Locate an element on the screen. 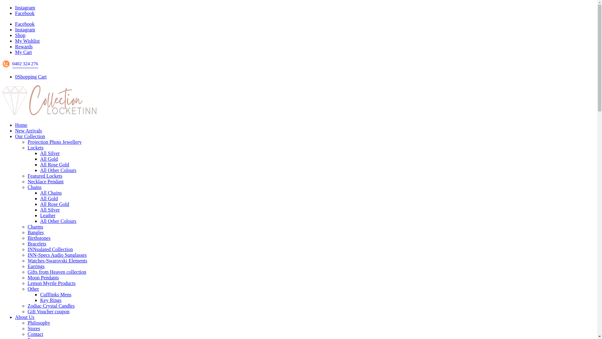 The height and width of the screenshot is (339, 602). 'Projection Photo Jewellery' is located at coordinates (54, 142).